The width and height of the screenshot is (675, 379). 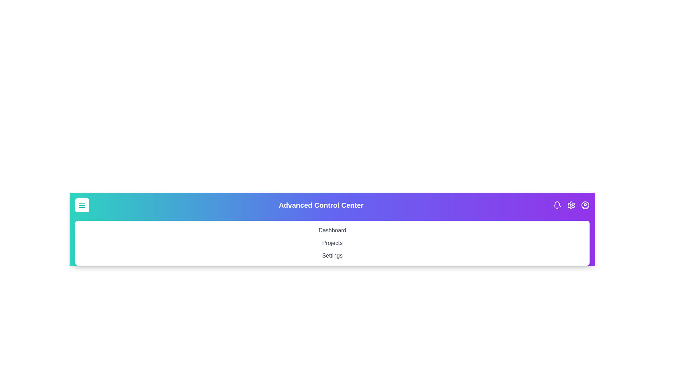 What do you see at coordinates (557, 205) in the screenshot?
I see `bell icon to access notifications` at bounding box center [557, 205].